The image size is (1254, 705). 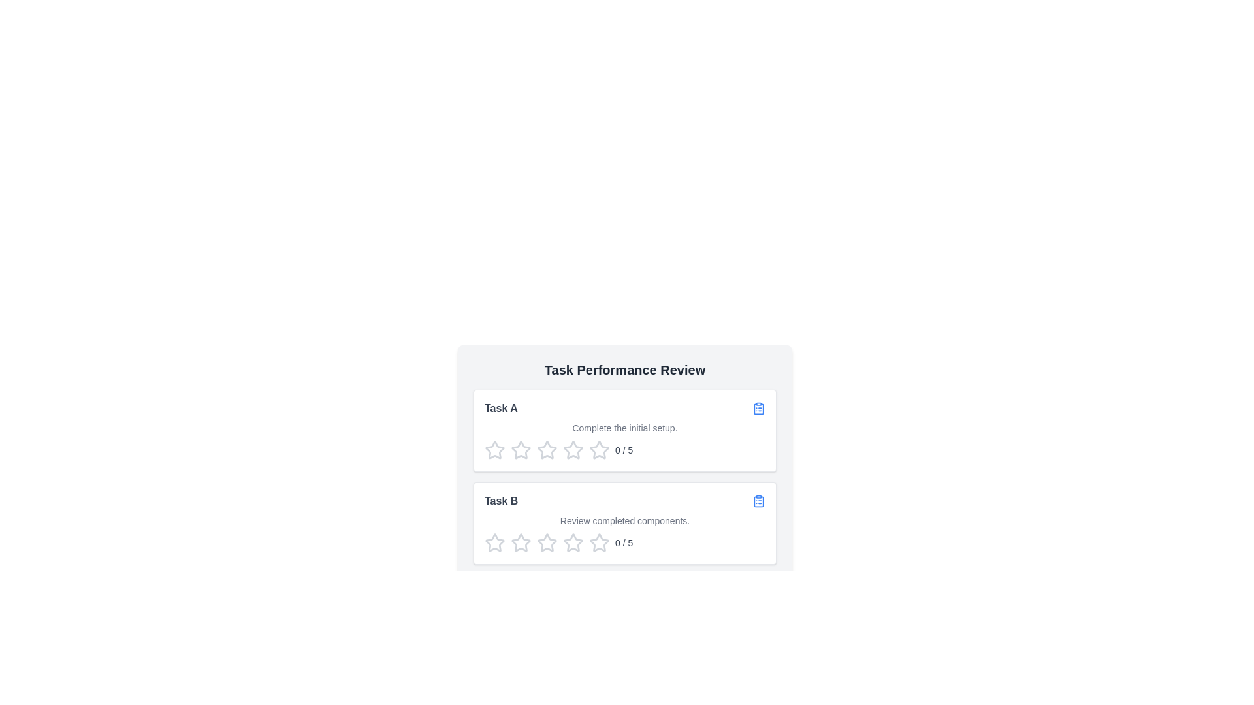 What do you see at coordinates (494, 542) in the screenshot?
I see `the first interactive rating star icon in the second rating row under the 'Task B' section` at bounding box center [494, 542].